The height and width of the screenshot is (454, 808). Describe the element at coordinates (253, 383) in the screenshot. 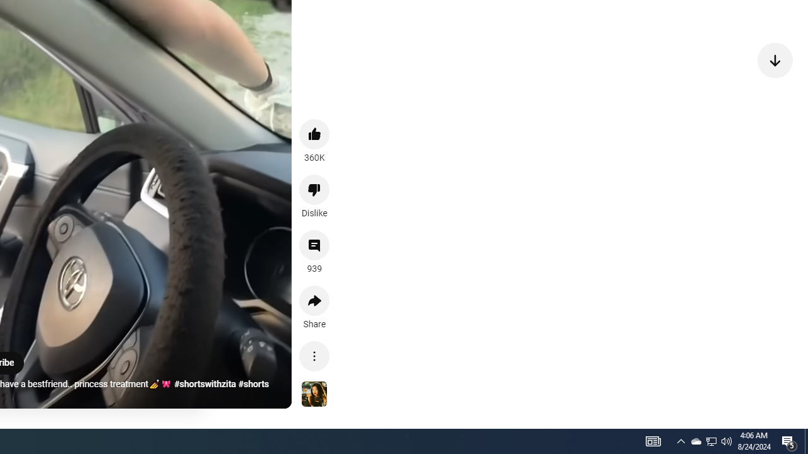

I see `'#shorts'` at that location.